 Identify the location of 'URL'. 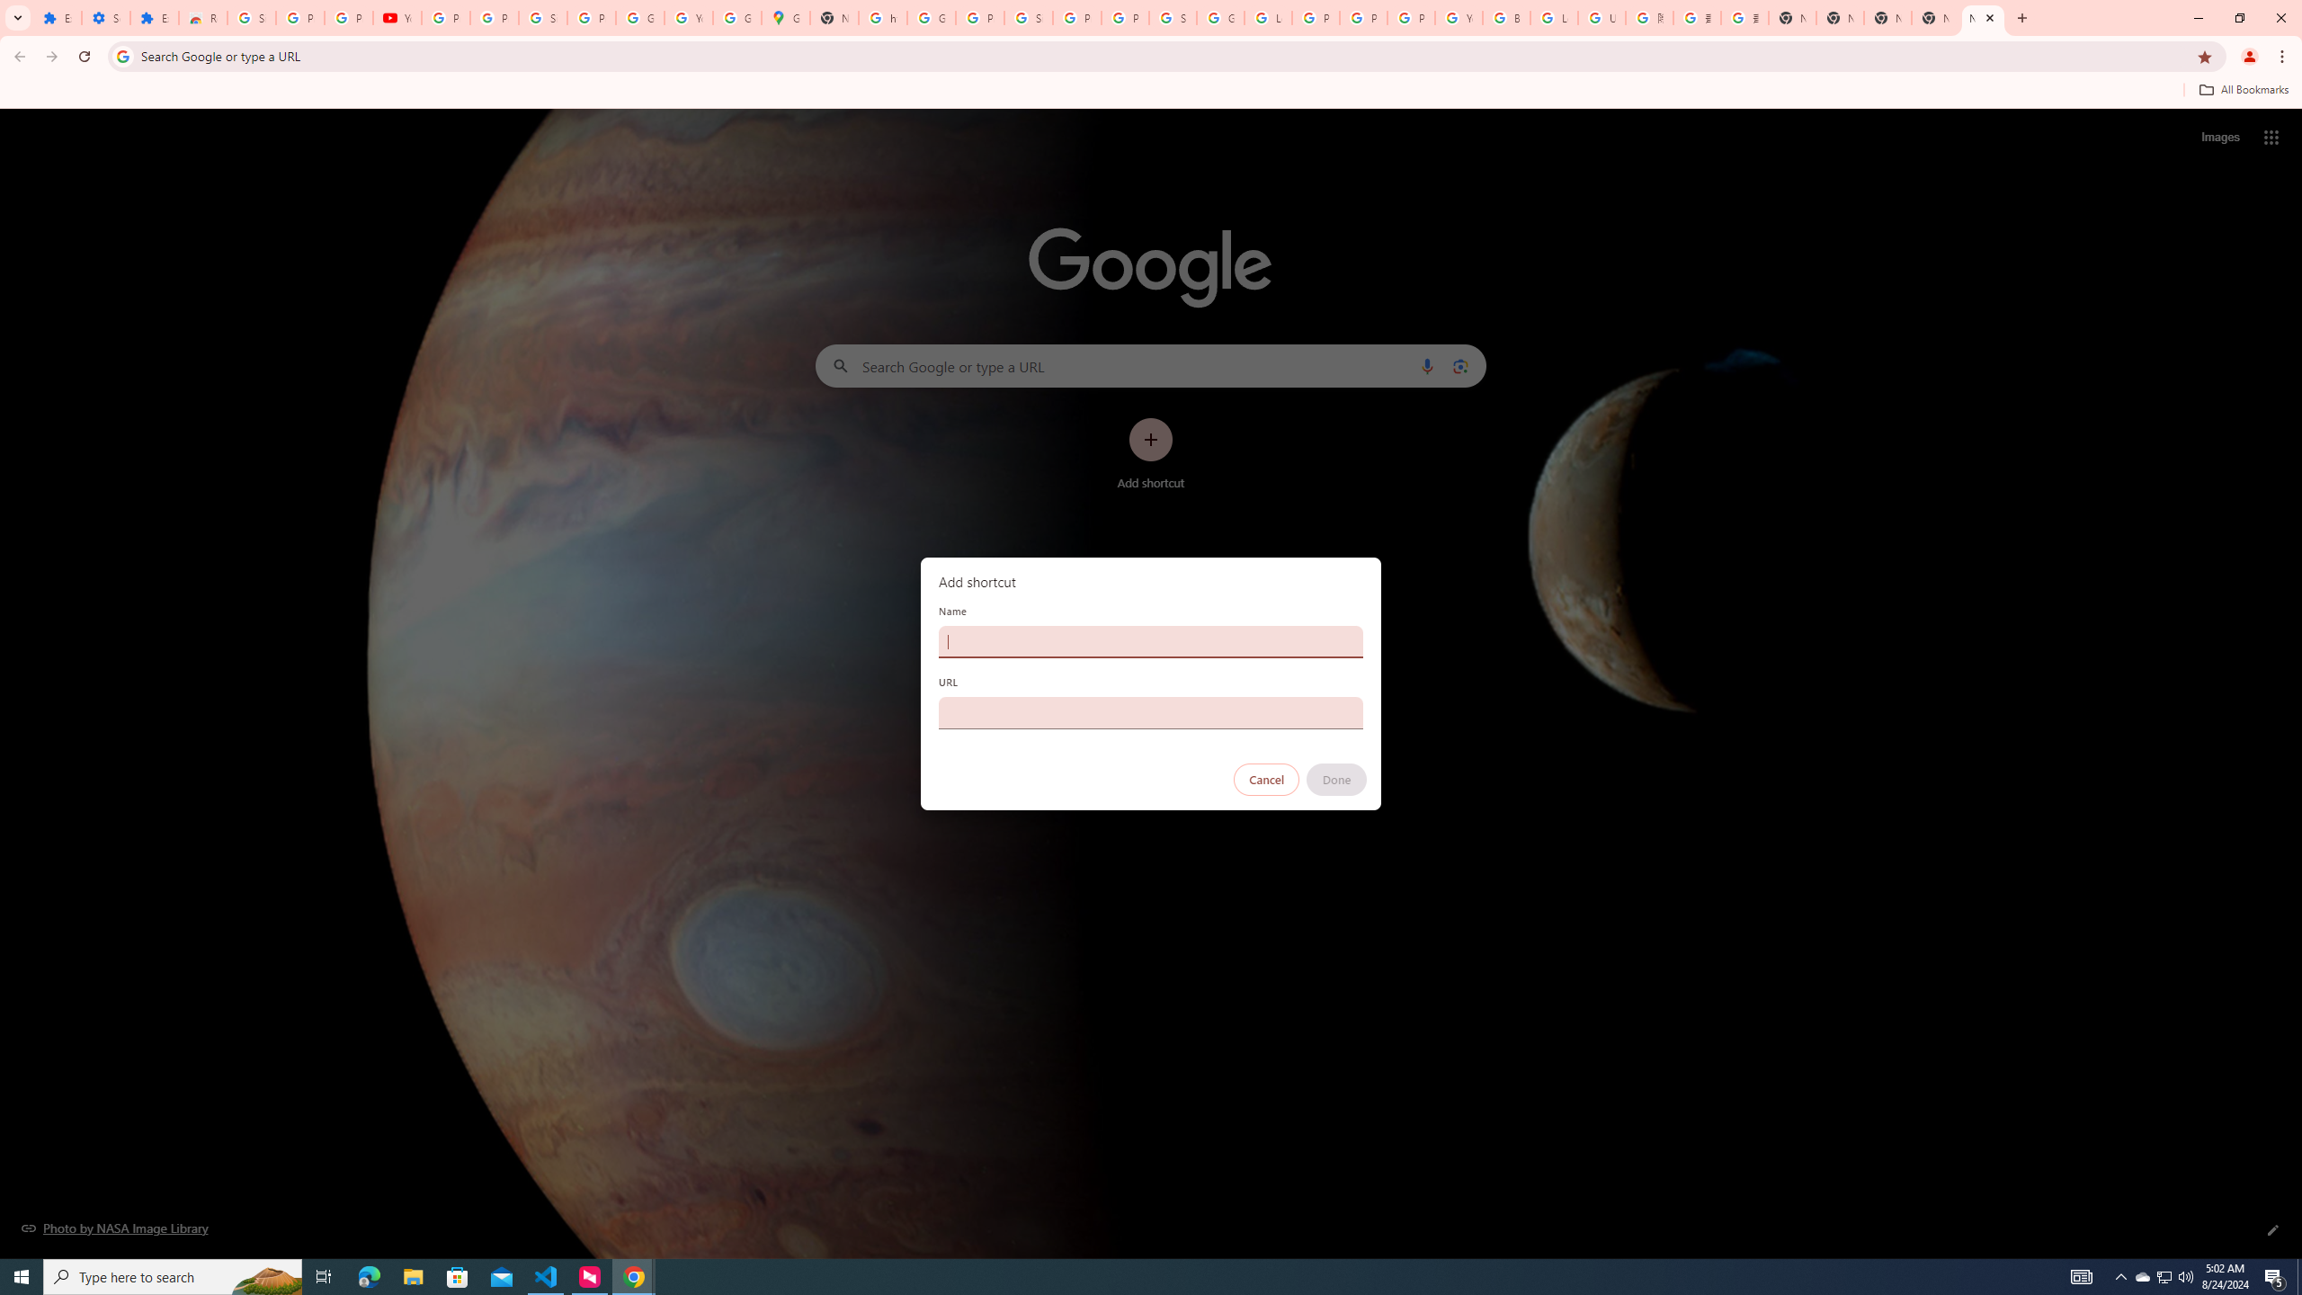
(1151, 712).